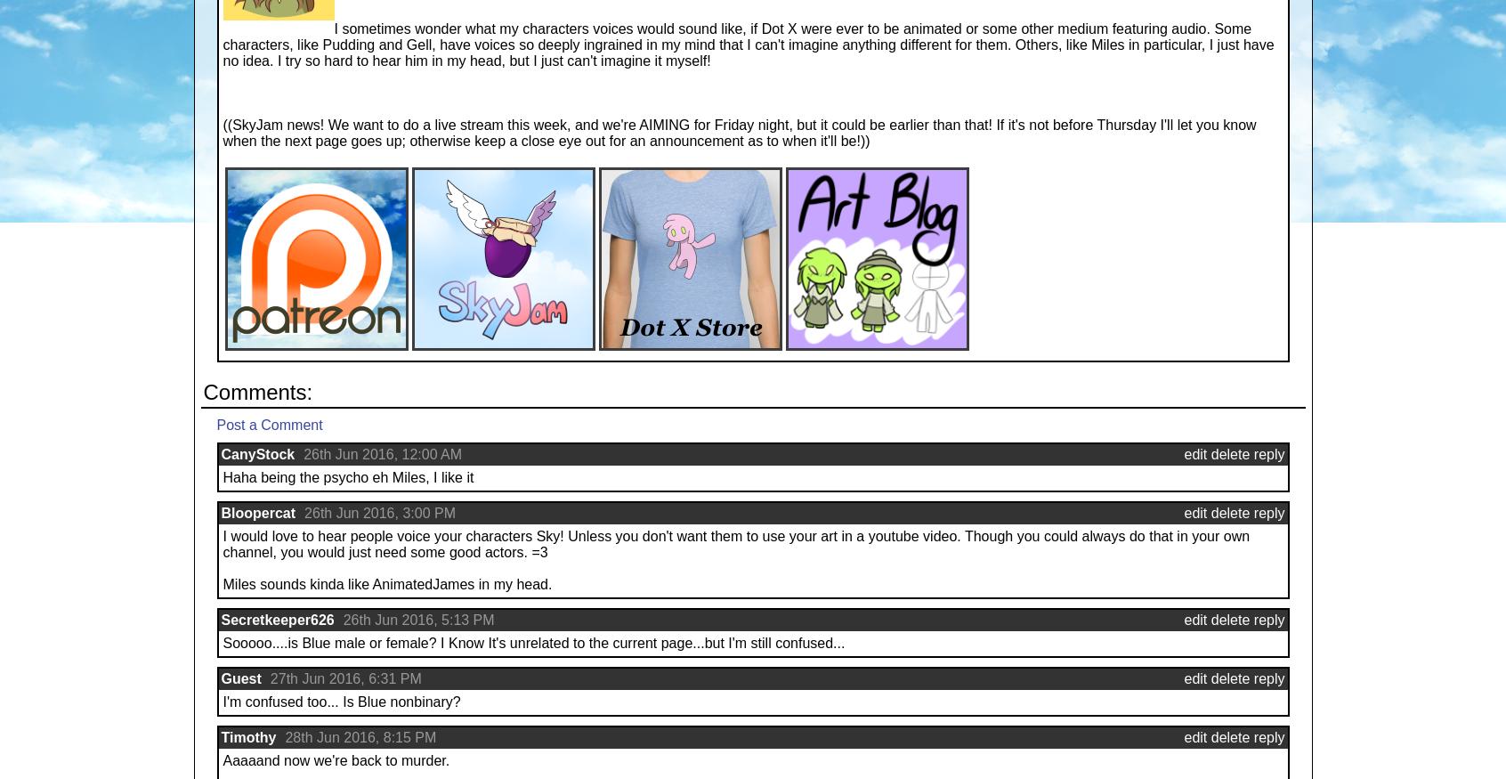  Describe the element at coordinates (303, 513) in the screenshot. I see `'26th Jun 2016, 3:00 PM'` at that location.